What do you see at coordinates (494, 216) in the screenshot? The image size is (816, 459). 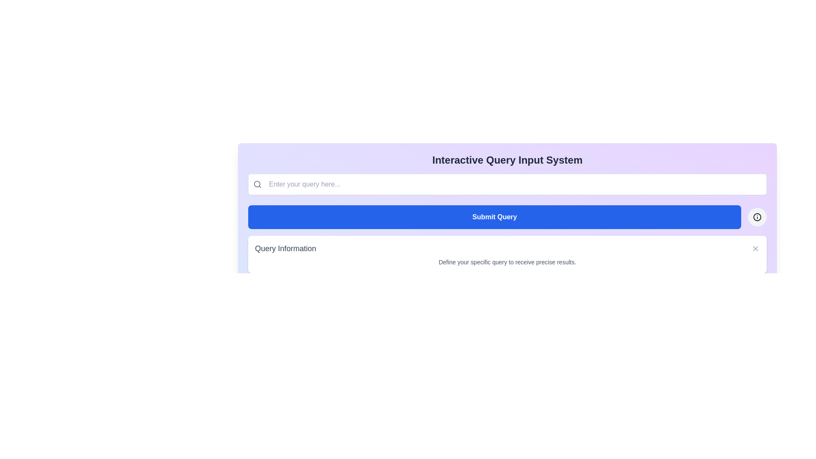 I see `the blue 'Submit Query' button with white text` at bounding box center [494, 216].